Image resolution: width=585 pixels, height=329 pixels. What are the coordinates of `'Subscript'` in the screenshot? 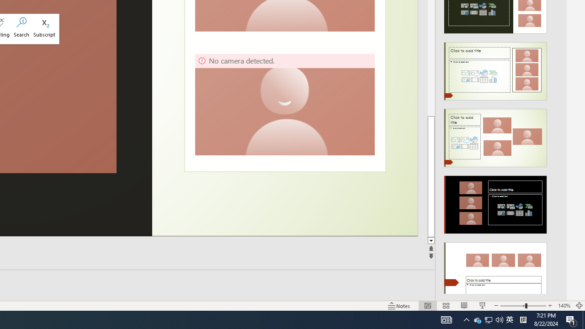 It's located at (44, 28).